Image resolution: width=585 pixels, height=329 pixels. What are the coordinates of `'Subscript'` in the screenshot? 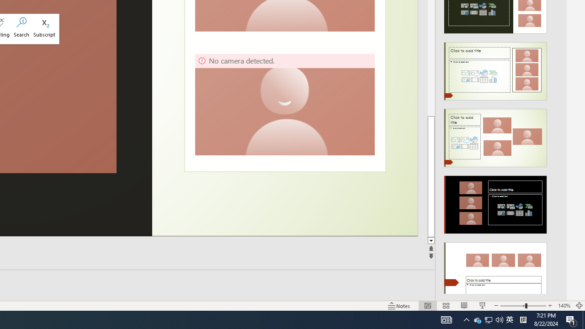 It's located at (44, 28).